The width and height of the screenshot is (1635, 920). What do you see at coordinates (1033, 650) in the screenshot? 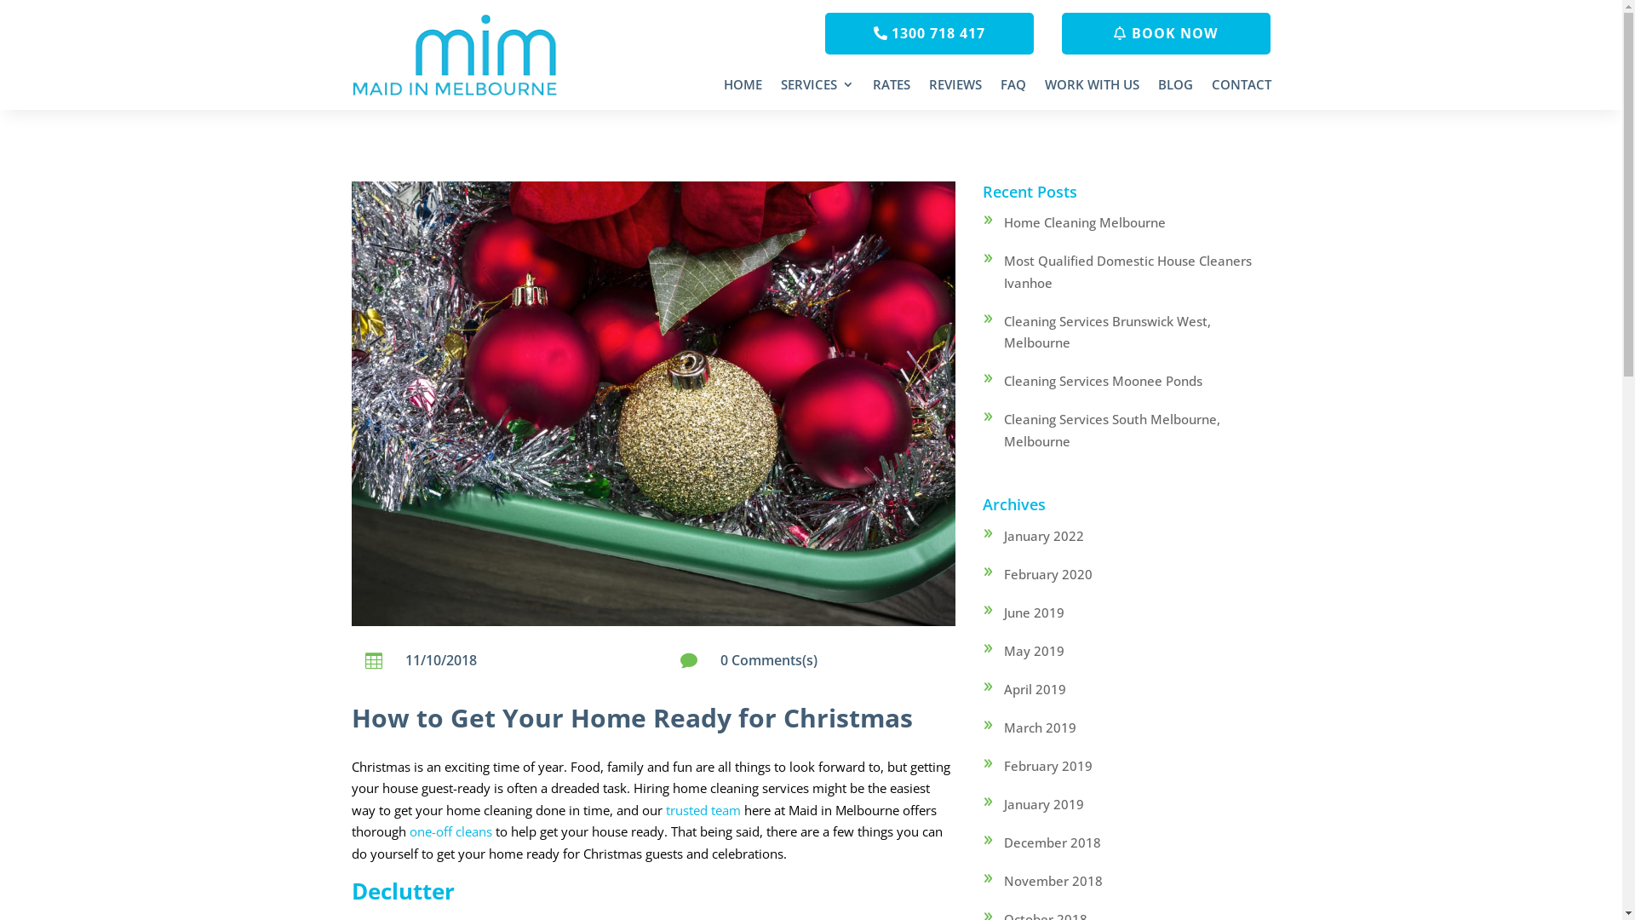
I see `'May 2019'` at bounding box center [1033, 650].